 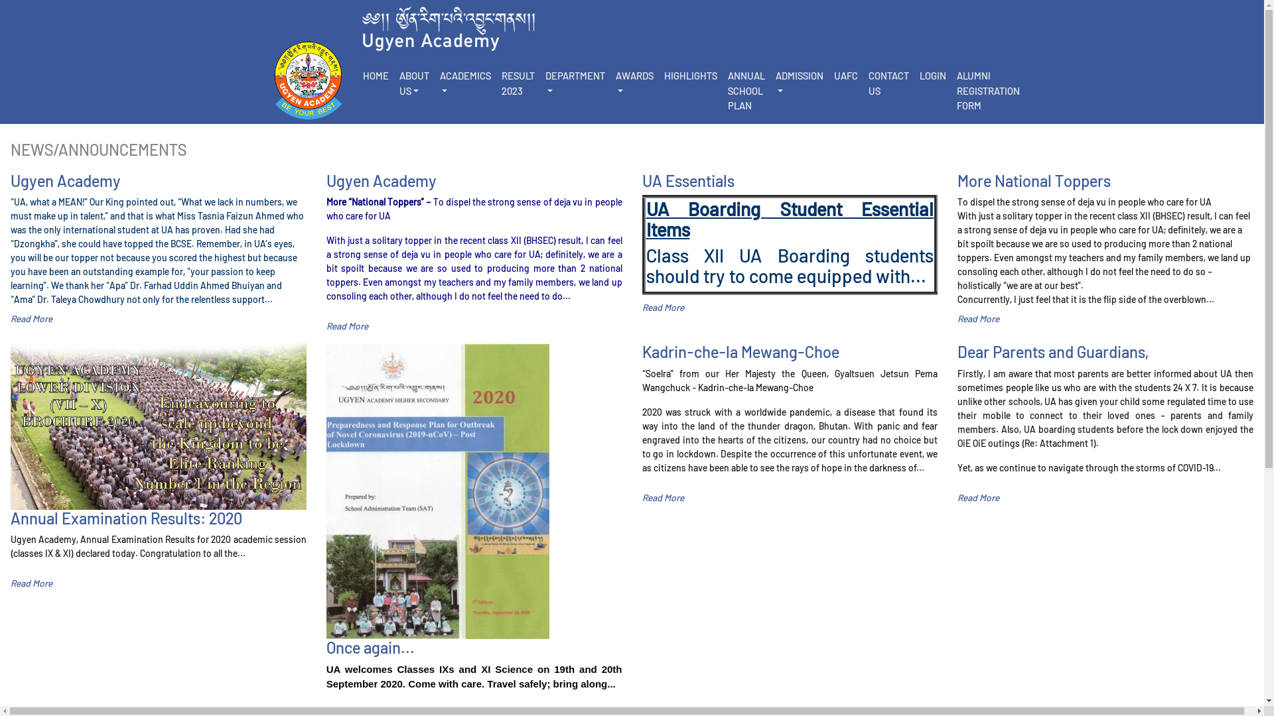 I want to click on 'ANNUAL SCHOOL PLAN', so click(x=745, y=90).